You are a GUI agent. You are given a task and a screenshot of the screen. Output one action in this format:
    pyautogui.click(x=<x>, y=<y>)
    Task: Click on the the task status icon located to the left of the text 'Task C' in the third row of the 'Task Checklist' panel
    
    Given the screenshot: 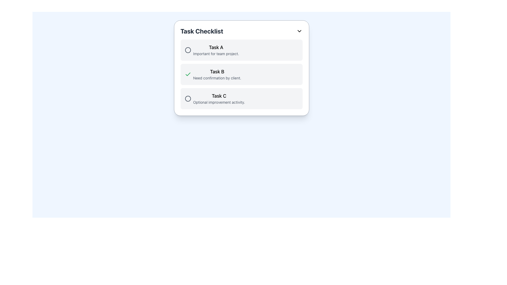 What is the action you would take?
    pyautogui.click(x=188, y=99)
    